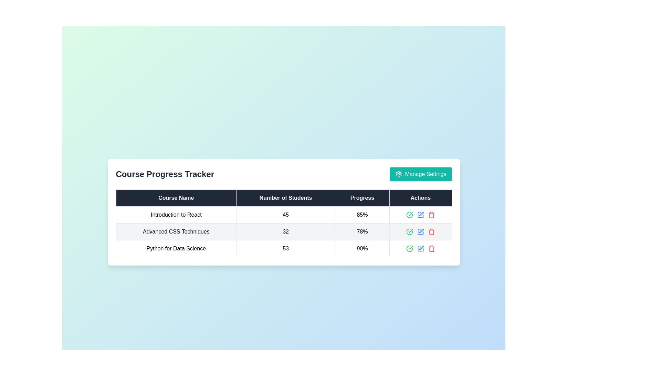 Image resolution: width=661 pixels, height=372 pixels. Describe the element at coordinates (431, 214) in the screenshot. I see `the red trash icon in the 'Actions' column of the third row in the table` at that location.